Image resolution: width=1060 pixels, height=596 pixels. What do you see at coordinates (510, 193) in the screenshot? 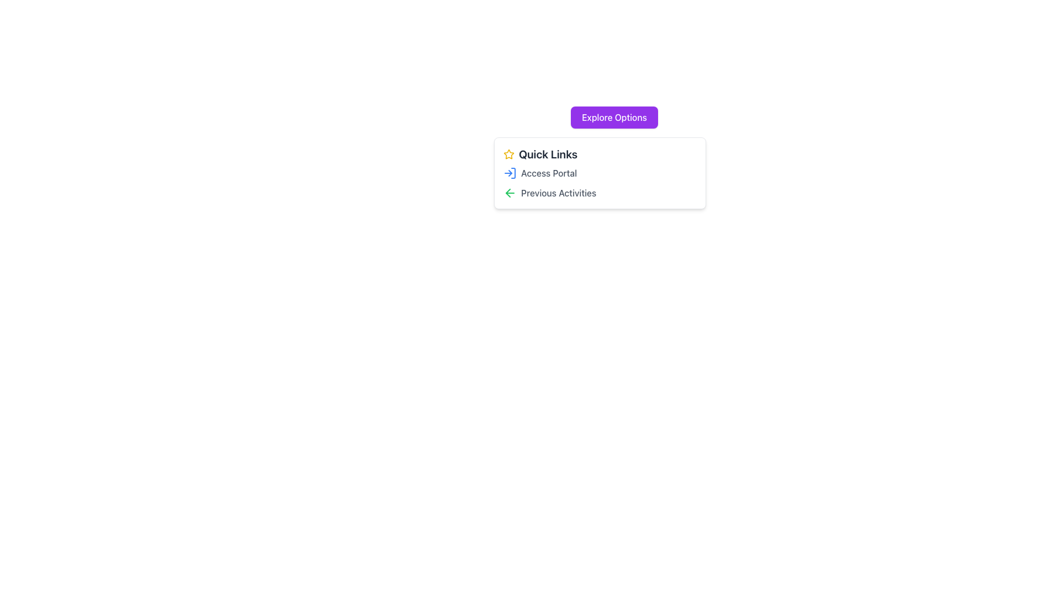
I see `the leftward green arrow icon located to the left of the 'Previous Activities' text` at bounding box center [510, 193].